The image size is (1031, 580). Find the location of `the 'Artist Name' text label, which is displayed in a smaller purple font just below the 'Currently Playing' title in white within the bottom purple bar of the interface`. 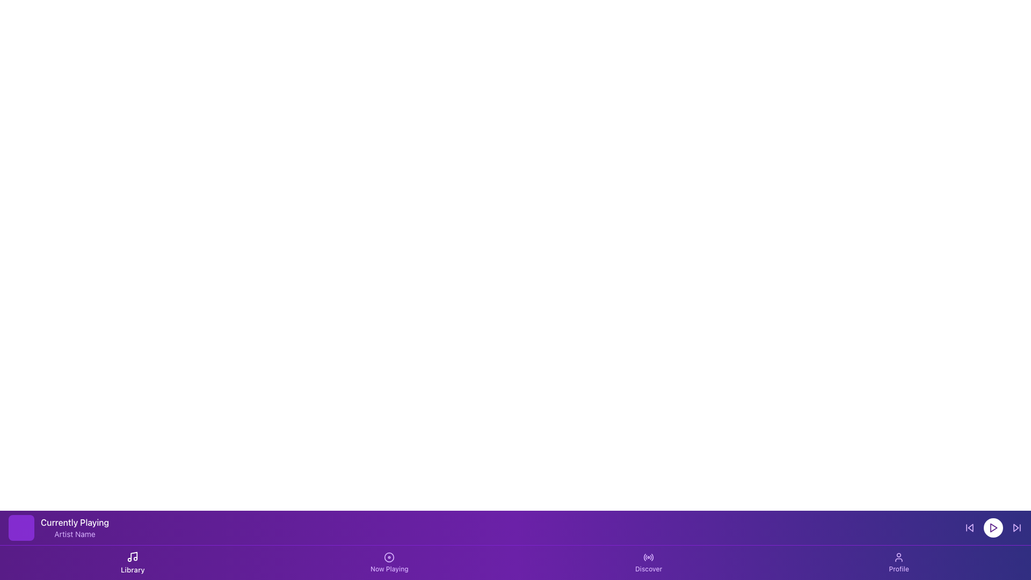

the 'Artist Name' text label, which is displayed in a smaller purple font just below the 'Currently Playing' title in white within the bottom purple bar of the interface is located at coordinates (74, 534).